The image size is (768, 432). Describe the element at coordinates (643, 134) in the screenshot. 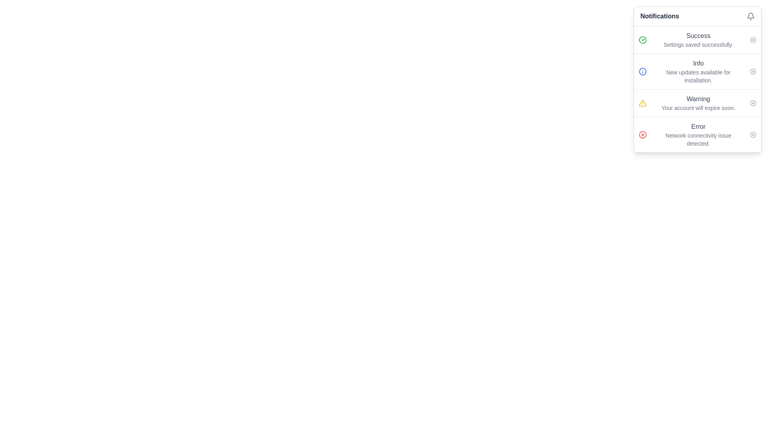

I see `the Decorative circle (SVG element) that visually represents a circular border in the 'Error' notification row at the bottom of the Notifications panel` at that location.